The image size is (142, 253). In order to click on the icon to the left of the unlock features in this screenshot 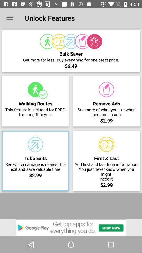, I will do `click(9, 18)`.